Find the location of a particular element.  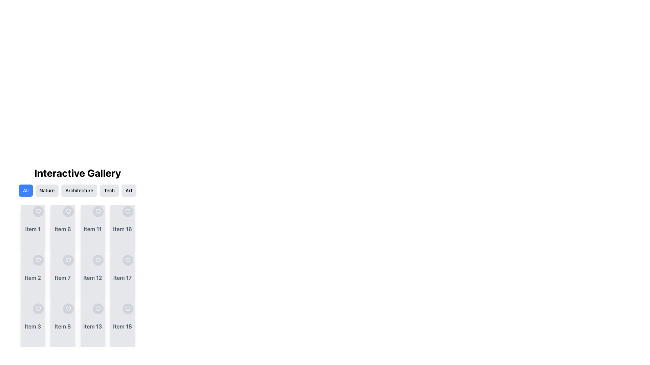

the state of the favorite icon located in the center of the card labeled 'Item 17', positioned in the fourth column and second row of the interactive gallery interface is located at coordinates (128, 260).